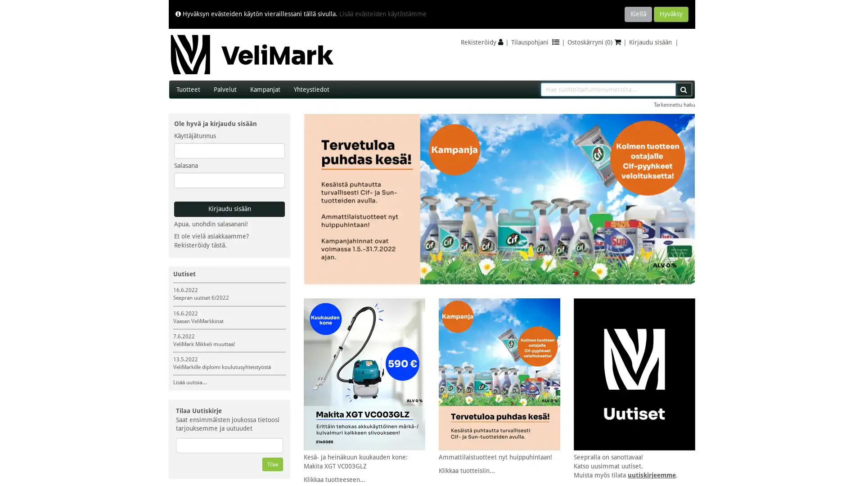 The width and height of the screenshot is (864, 486). I want to click on Tilaa, so click(272, 464).